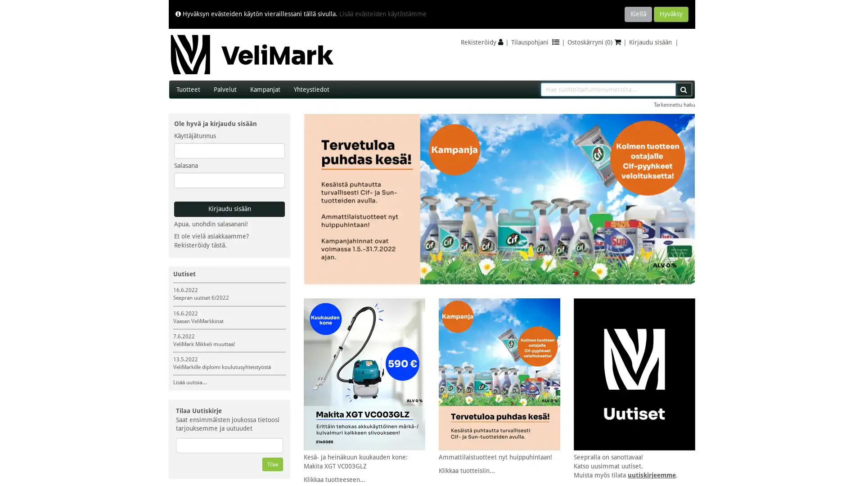 The width and height of the screenshot is (864, 486). I want to click on Tilaa, so click(272, 464).